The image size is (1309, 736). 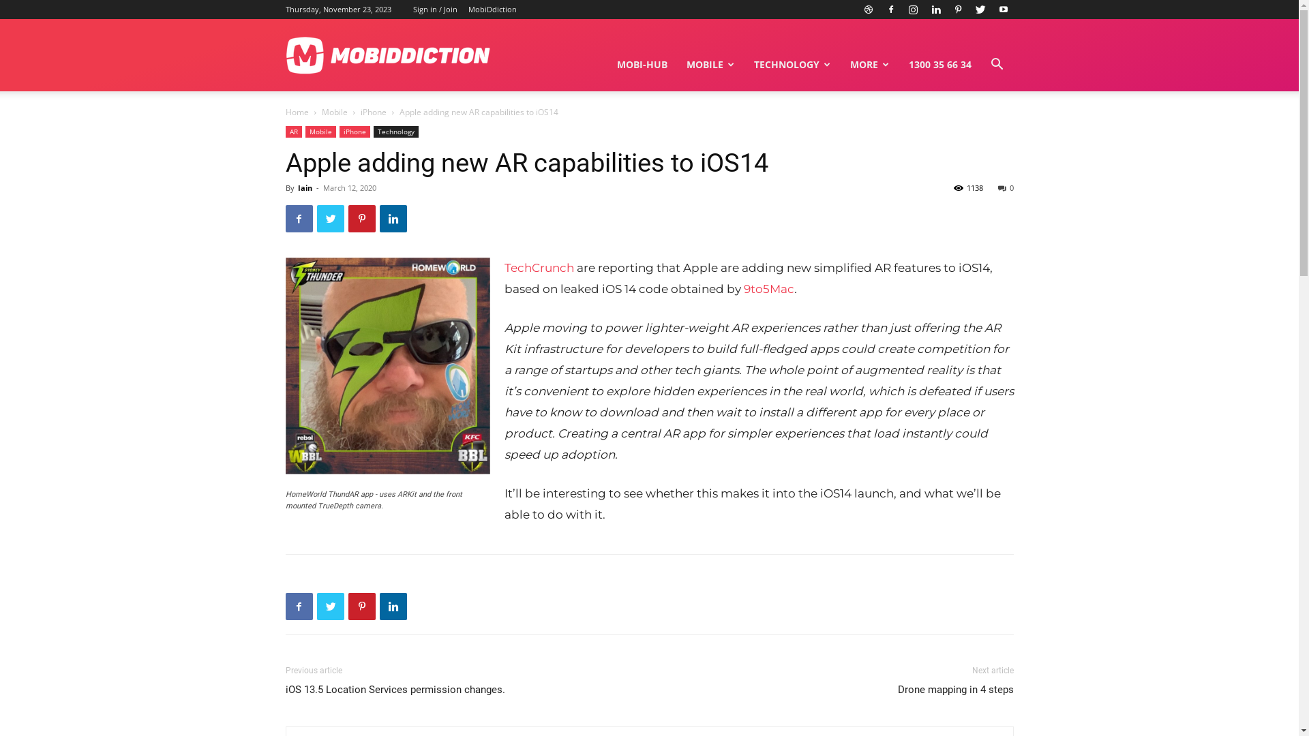 I want to click on 'Instagram', so click(x=913, y=10).